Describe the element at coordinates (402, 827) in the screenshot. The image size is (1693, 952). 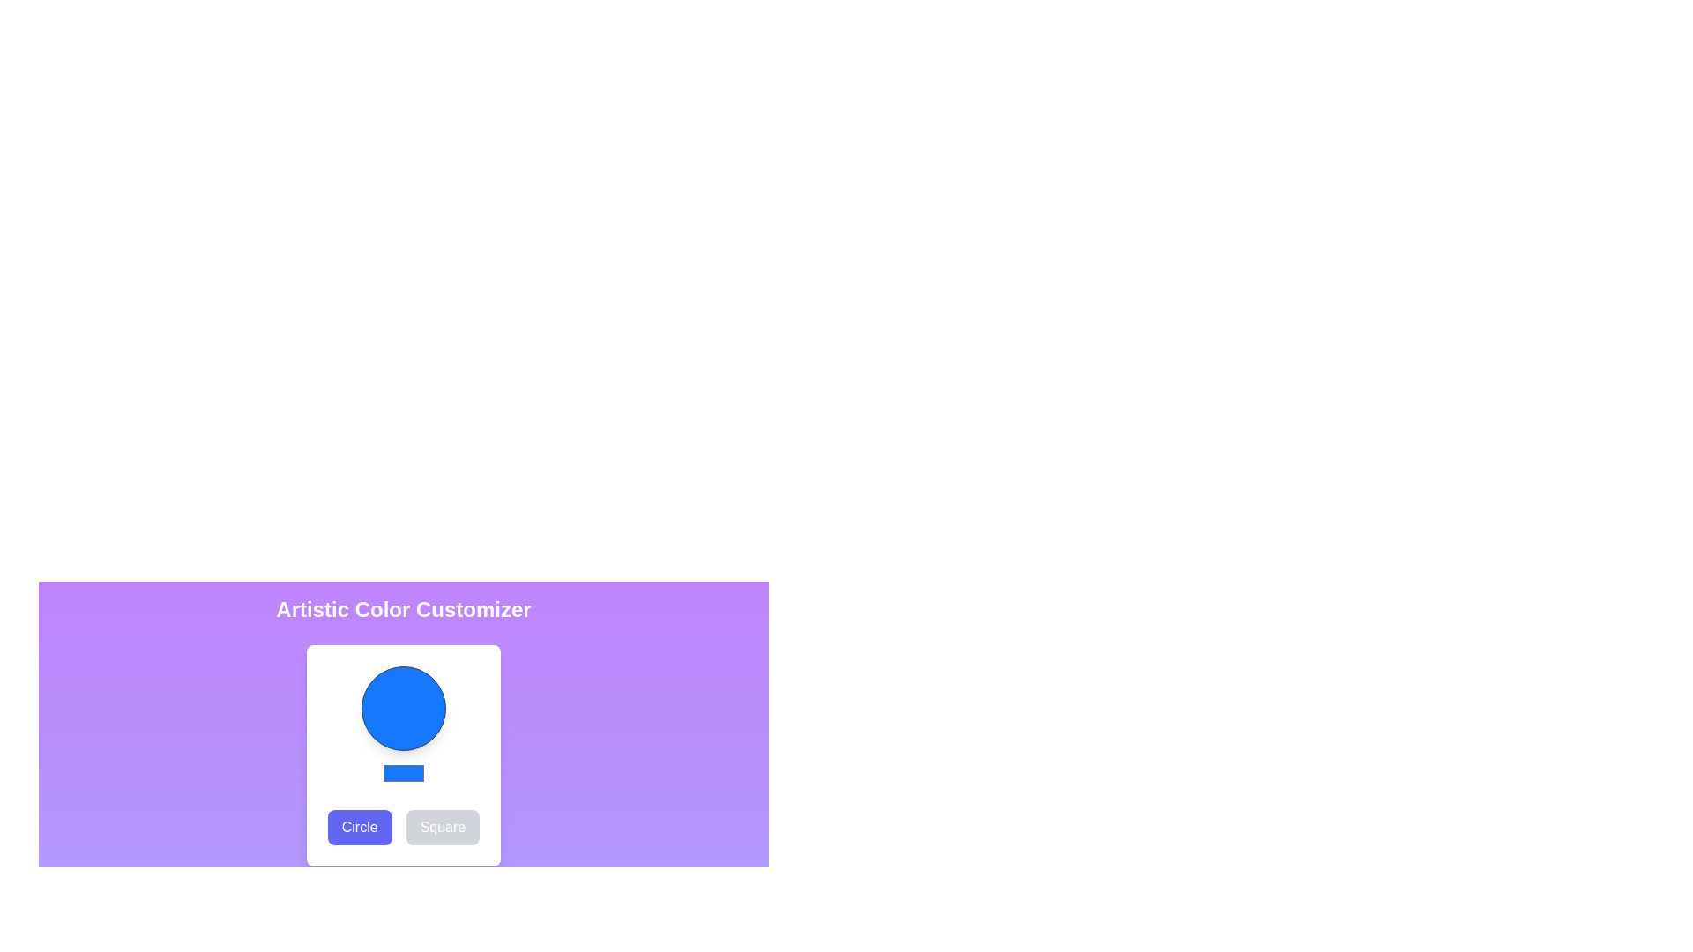
I see `the 'Circle' button, which is styled with a purple background and white text, located at the bottom center of the card component` at that location.